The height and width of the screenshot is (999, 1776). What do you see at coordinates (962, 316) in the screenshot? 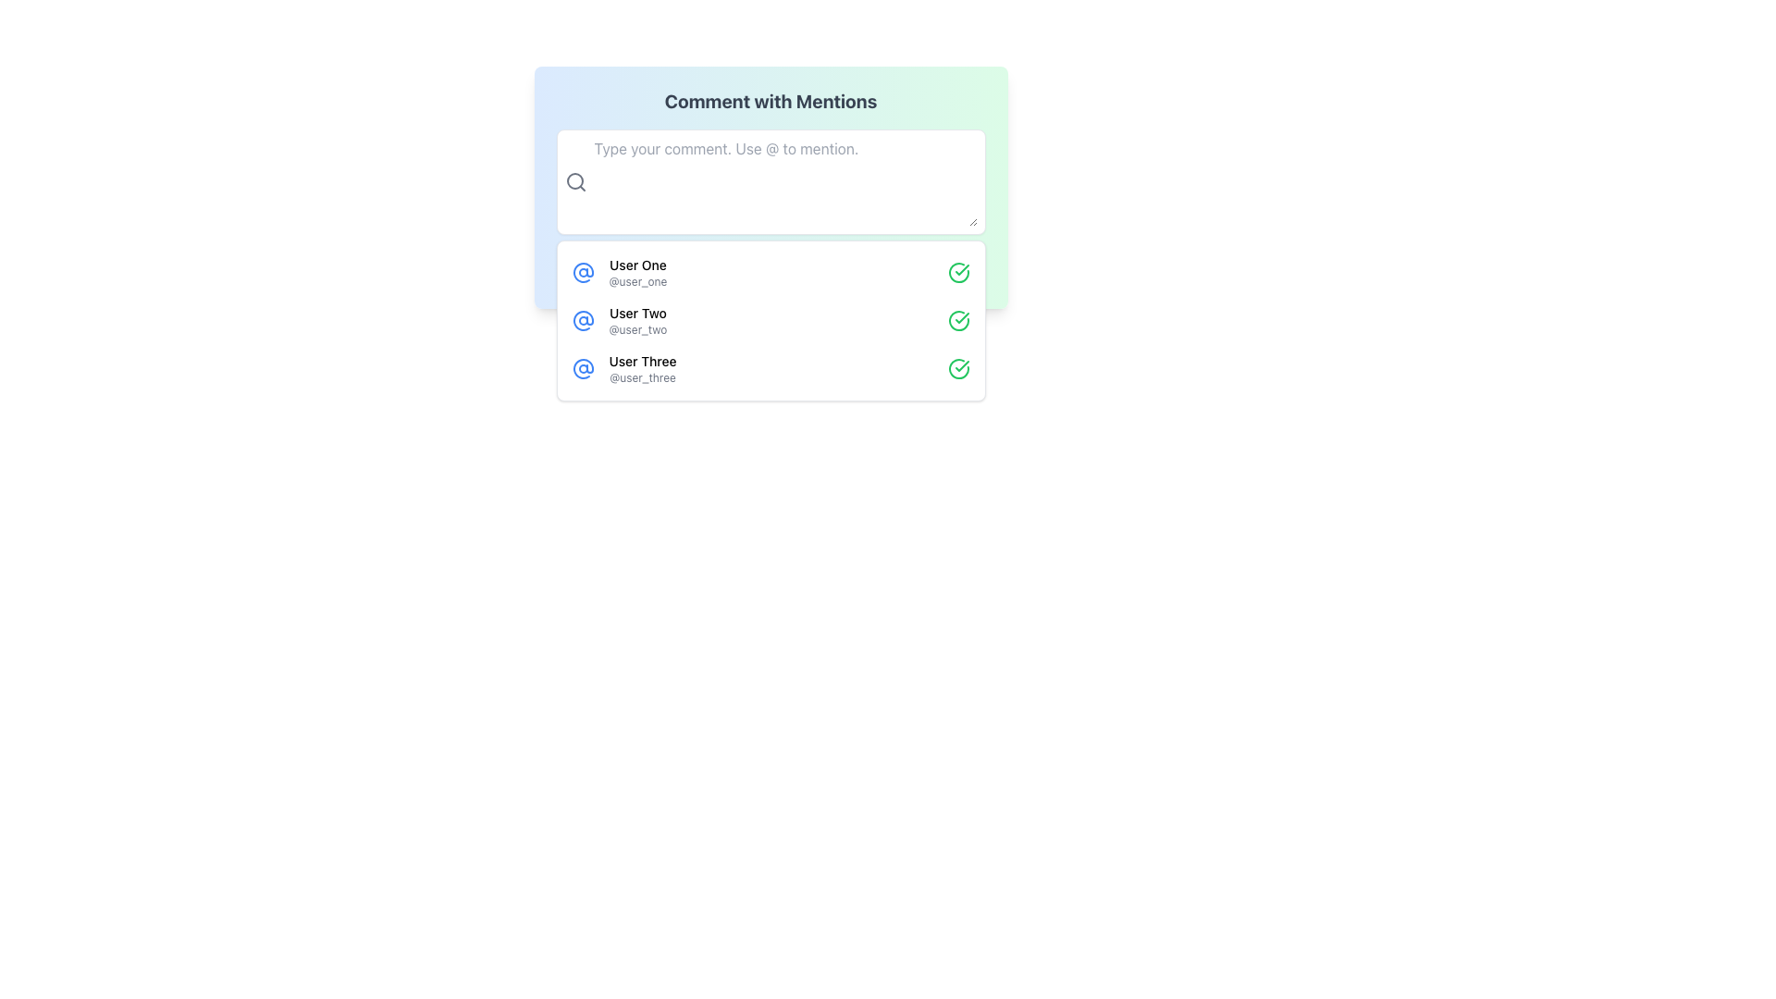
I see `the verification status icon, which is a green checkmark inside a circle, located adjacent to the second user's entry in the vertical list` at bounding box center [962, 316].